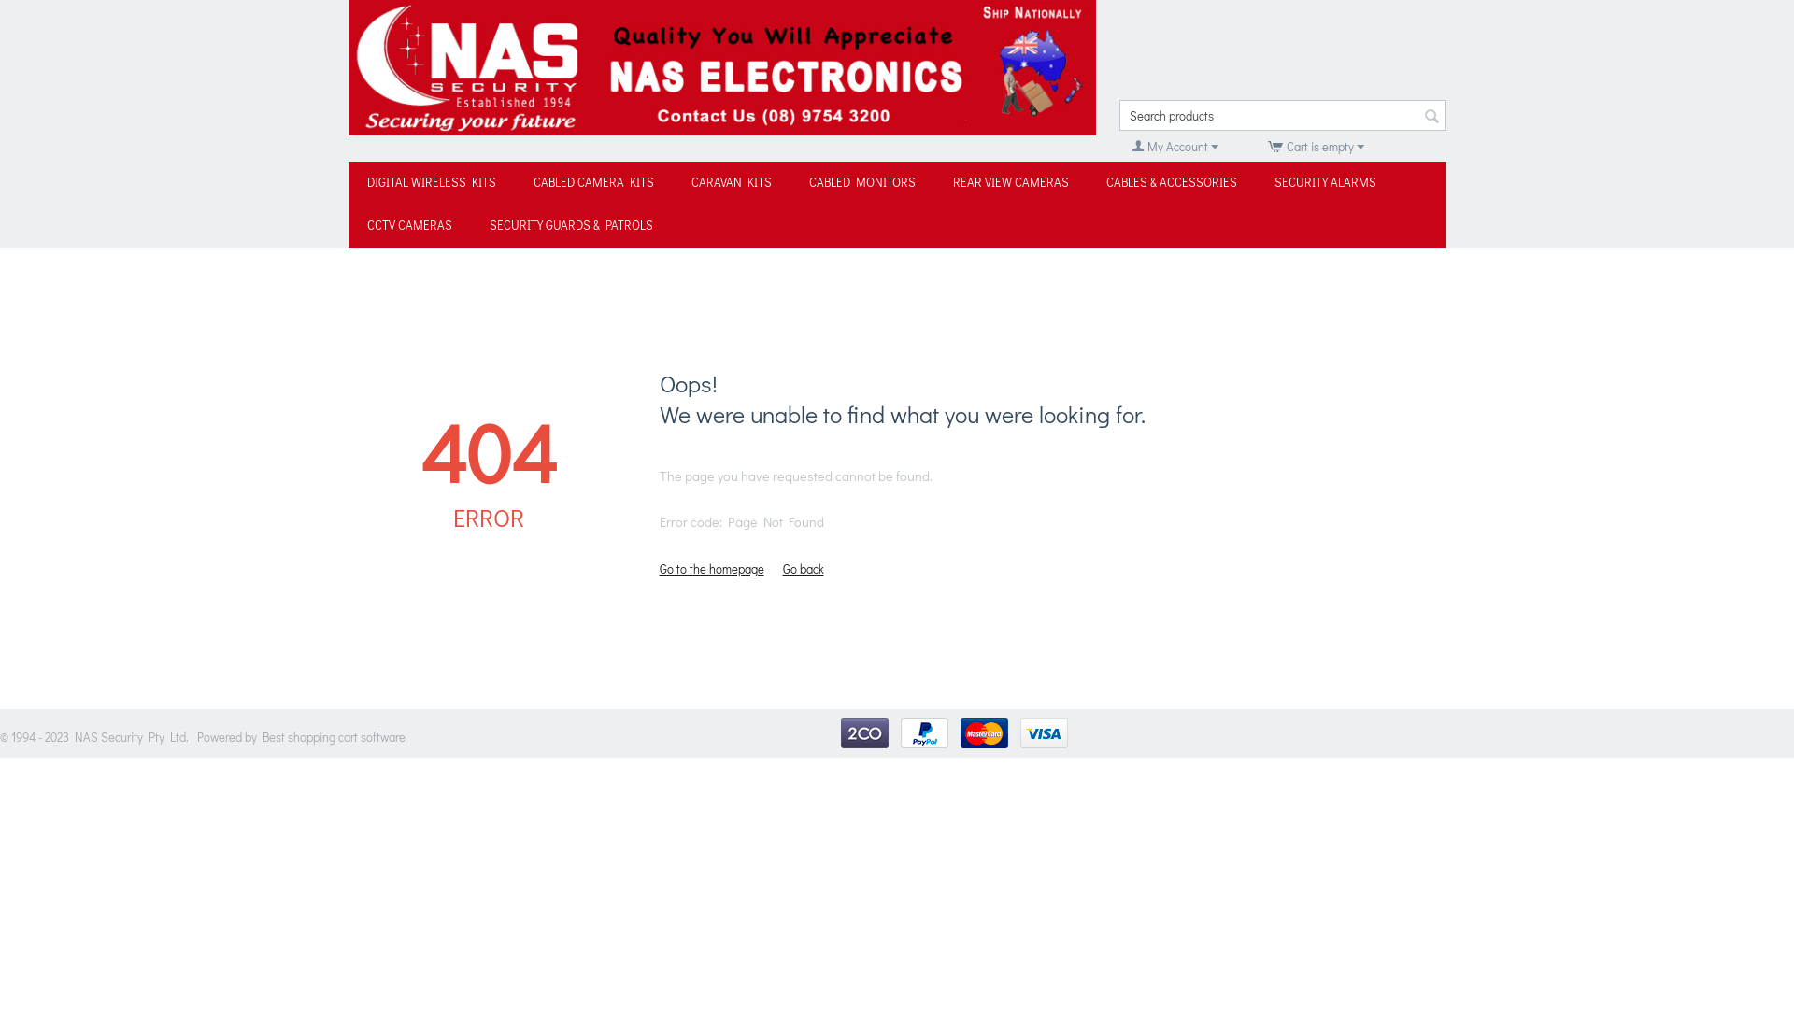  What do you see at coordinates (1430, 116) in the screenshot?
I see `'Search'` at bounding box center [1430, 116].